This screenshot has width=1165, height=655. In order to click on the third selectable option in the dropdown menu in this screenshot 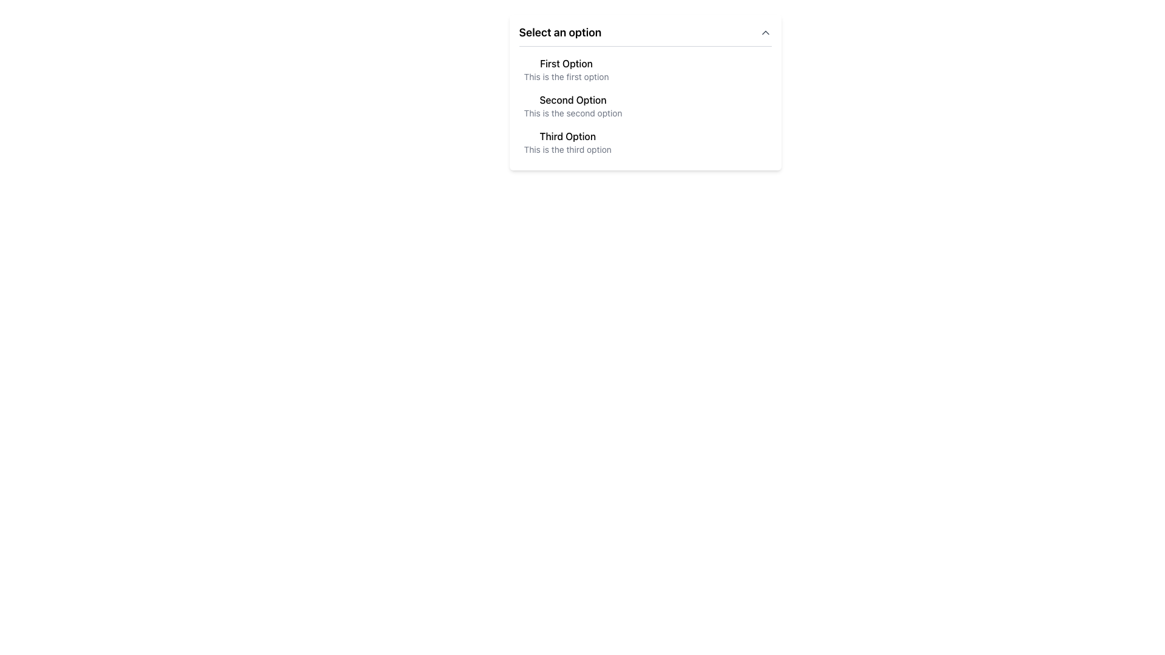, I will do `click(567, 142)`.